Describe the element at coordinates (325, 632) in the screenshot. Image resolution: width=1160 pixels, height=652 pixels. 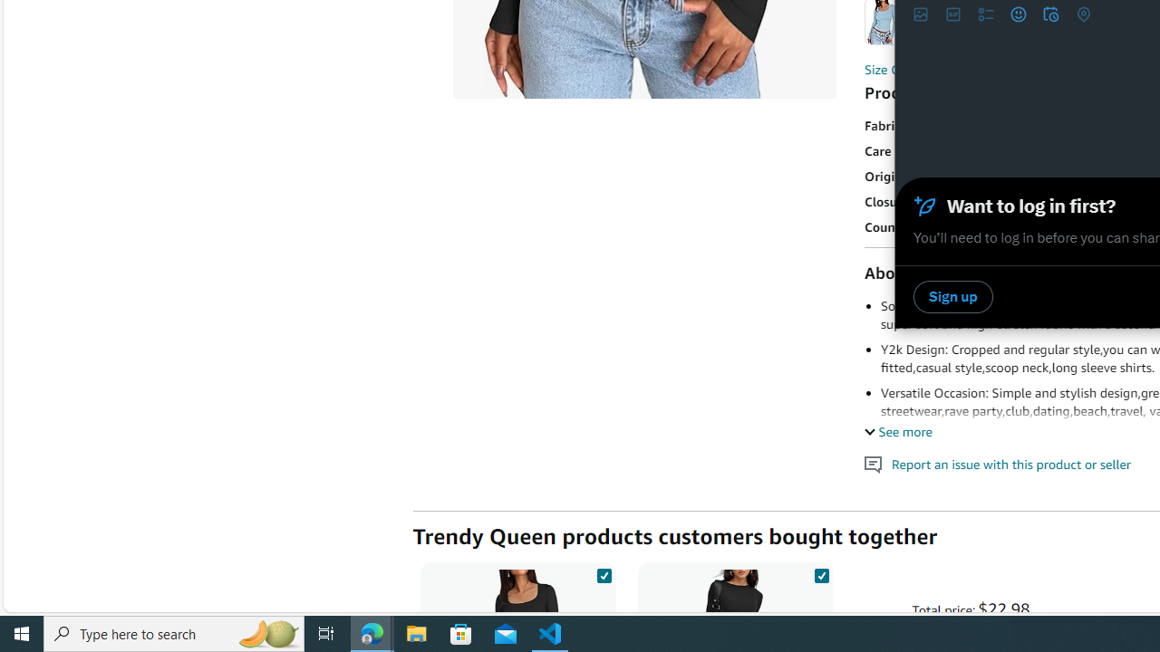
I see `'Task View'` at that location.